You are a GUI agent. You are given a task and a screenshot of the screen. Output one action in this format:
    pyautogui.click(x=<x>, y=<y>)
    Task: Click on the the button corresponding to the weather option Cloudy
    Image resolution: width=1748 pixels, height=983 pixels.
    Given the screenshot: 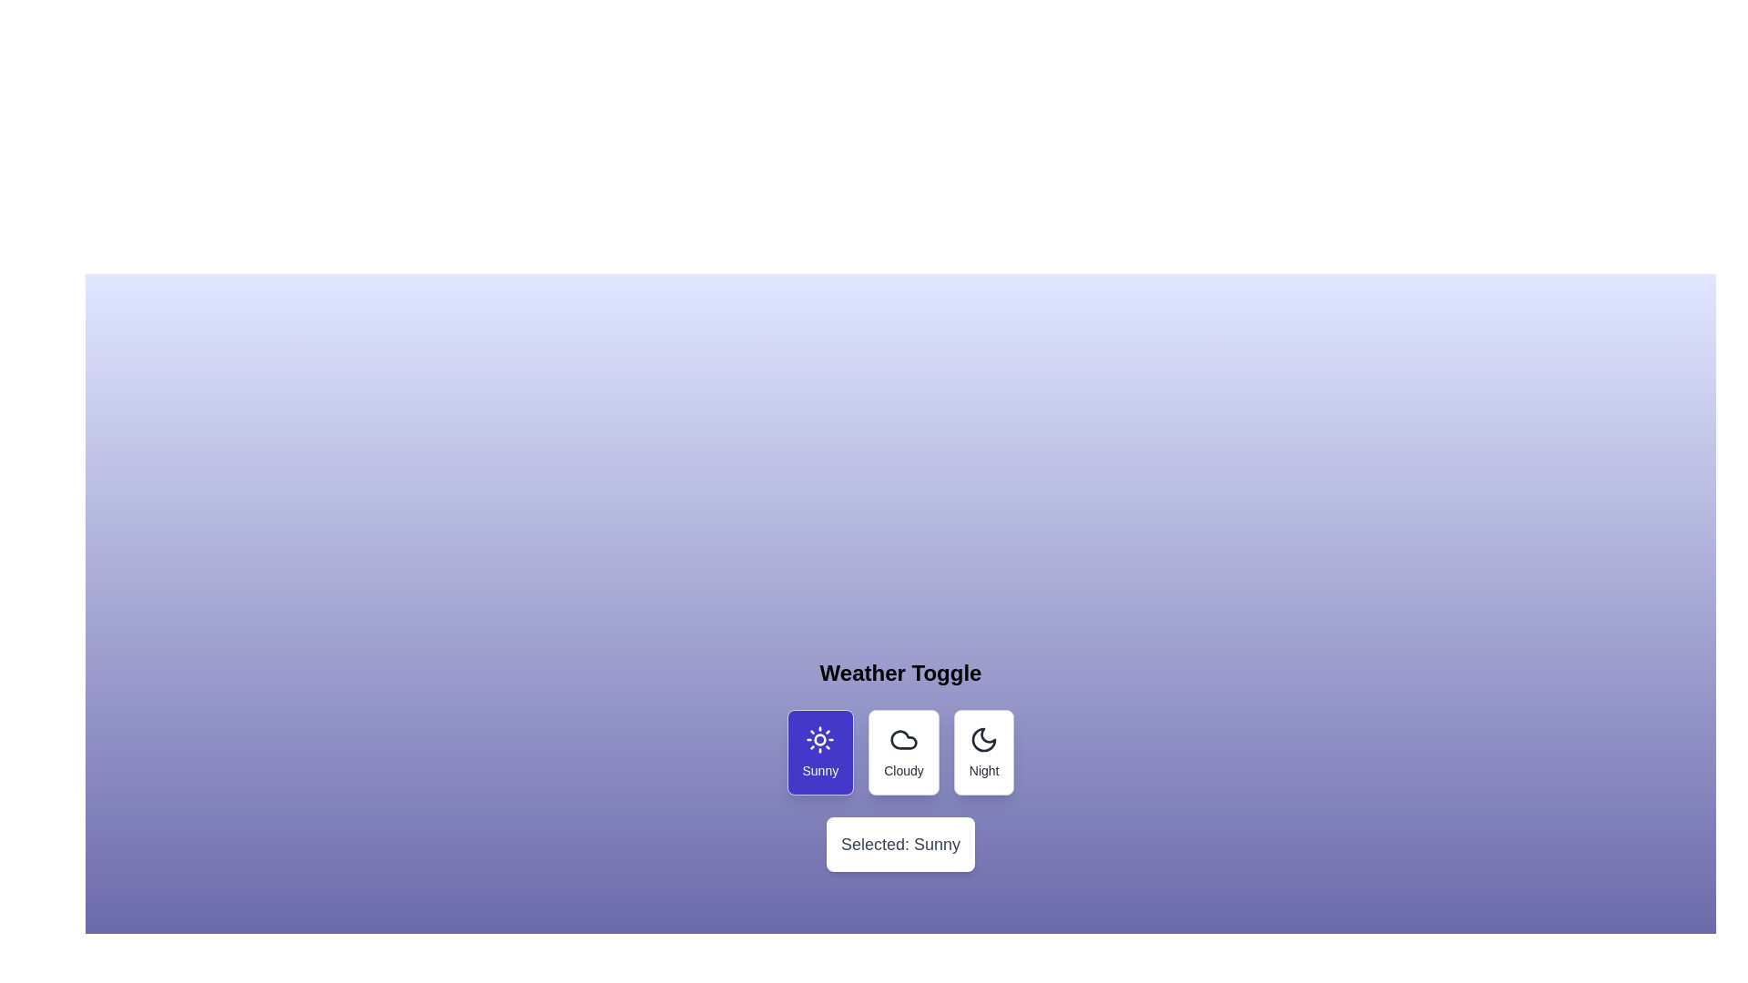 What is the action you would take?
    pyautogui.click(x=904, y=752)
    